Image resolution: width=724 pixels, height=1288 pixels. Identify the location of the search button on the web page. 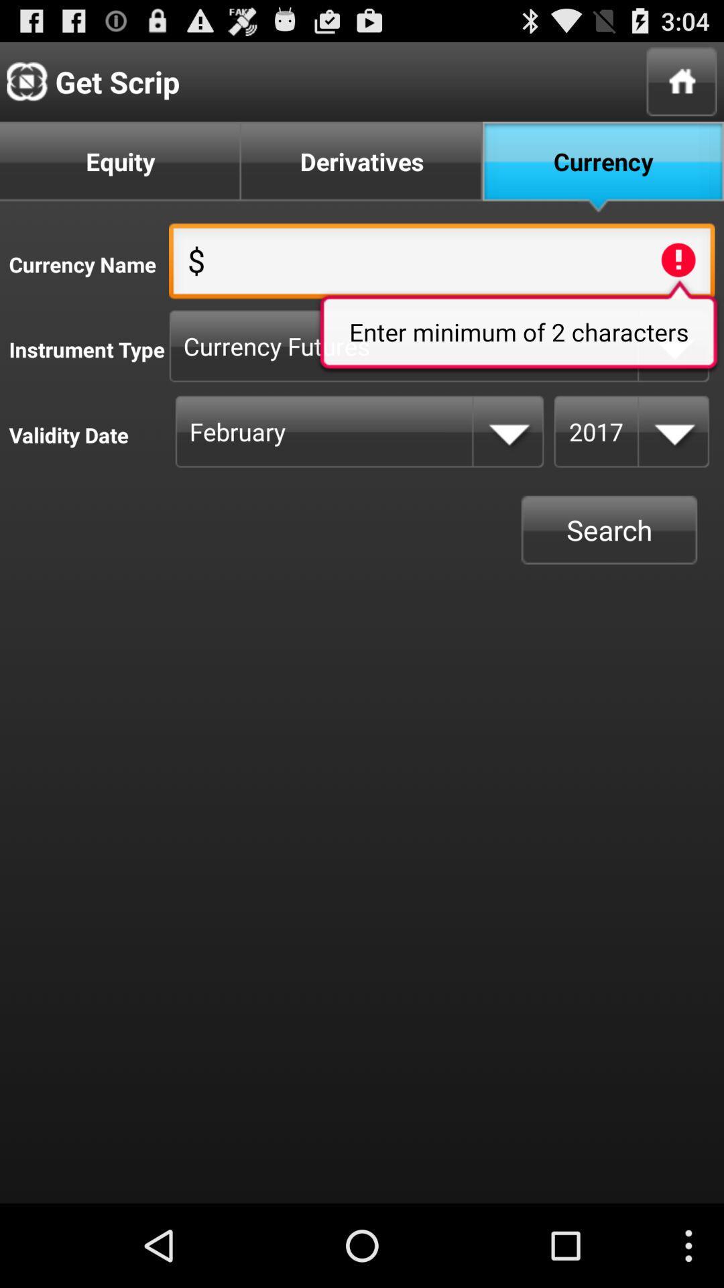
(609, 529).